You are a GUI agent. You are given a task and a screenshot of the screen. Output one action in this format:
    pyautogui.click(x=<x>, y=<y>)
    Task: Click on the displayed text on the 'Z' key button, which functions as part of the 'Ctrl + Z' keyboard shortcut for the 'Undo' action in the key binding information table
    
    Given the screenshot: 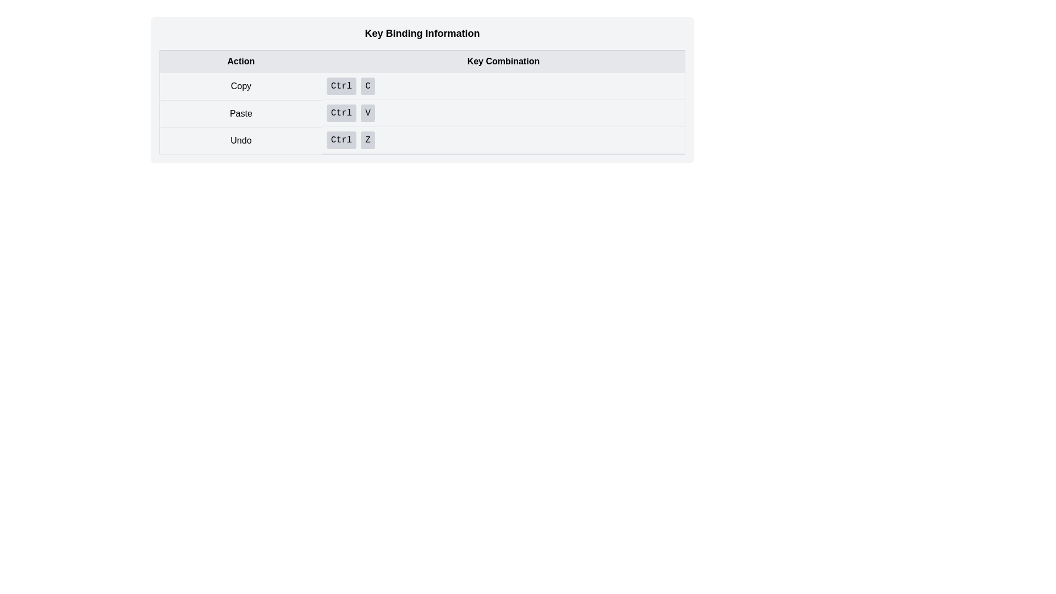 What is the action you would take?
    pyautogui.click(x=367, y=139)
    